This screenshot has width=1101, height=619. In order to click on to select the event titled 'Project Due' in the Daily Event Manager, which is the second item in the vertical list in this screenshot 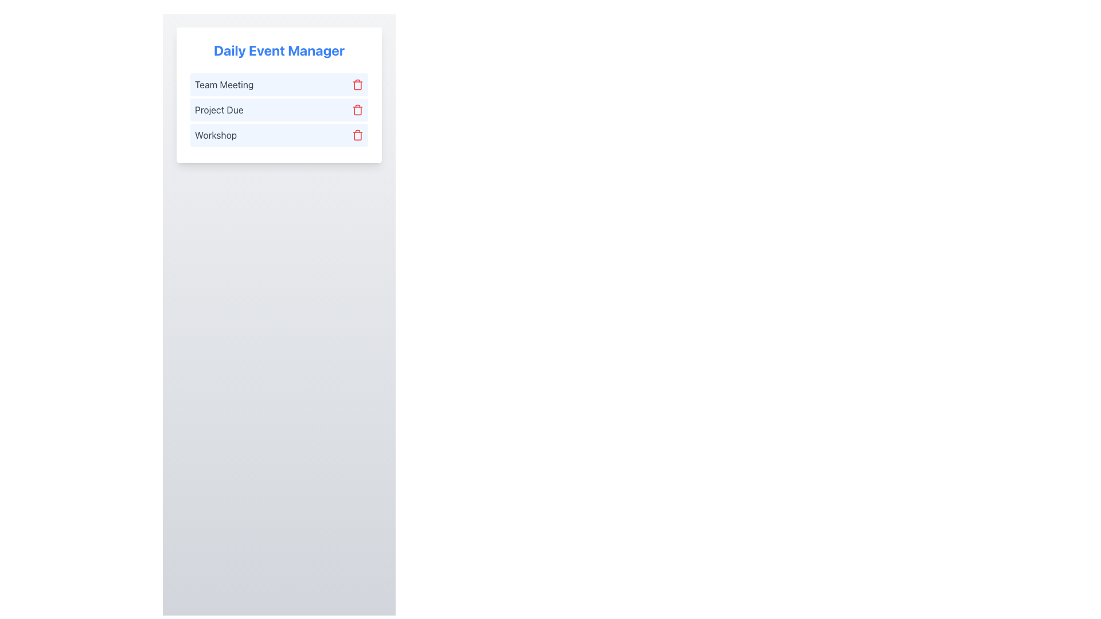, I will do `click(279, 110)`.